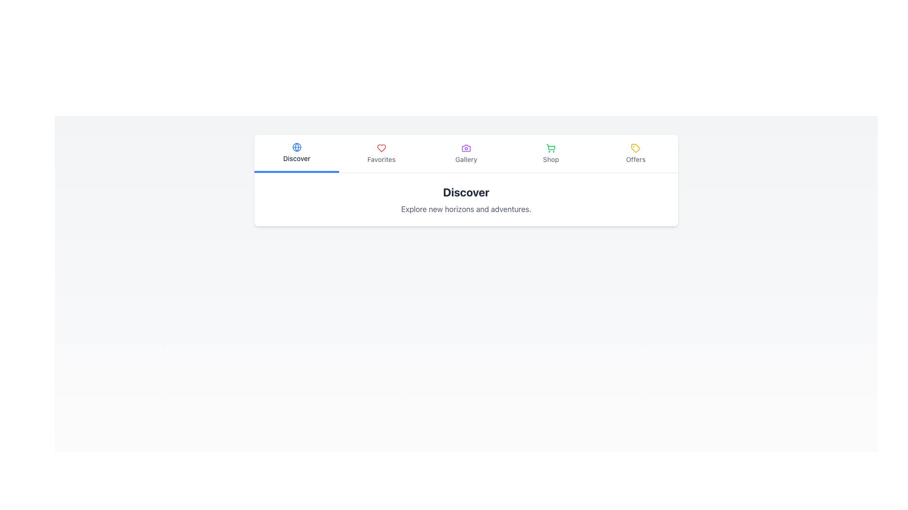 This screenshot has width=908, height=510. Describe the element at coordinates (381, 148) in the screenshot. I see `the red heart icon located next to the 'Favorites' text` at that location.